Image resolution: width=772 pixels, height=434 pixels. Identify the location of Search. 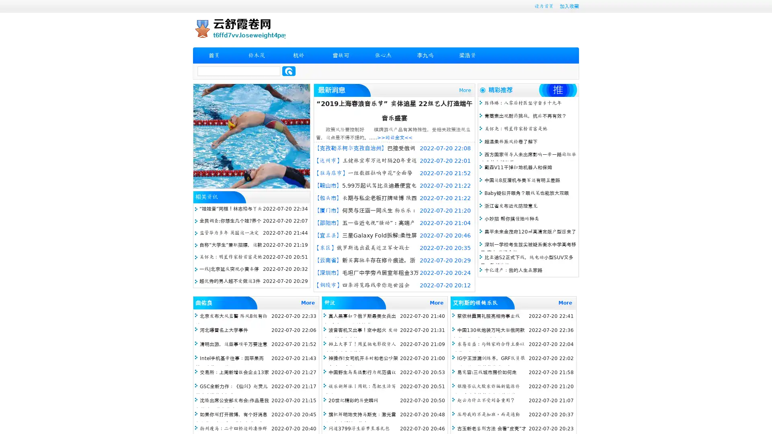
(289, 71).